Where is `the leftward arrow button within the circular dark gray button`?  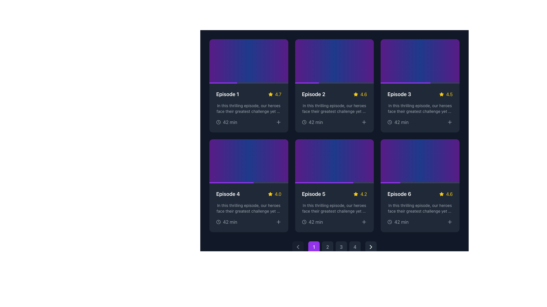 the leftward arrow button within the circular dark gray button is located at coordinates (298, 246).